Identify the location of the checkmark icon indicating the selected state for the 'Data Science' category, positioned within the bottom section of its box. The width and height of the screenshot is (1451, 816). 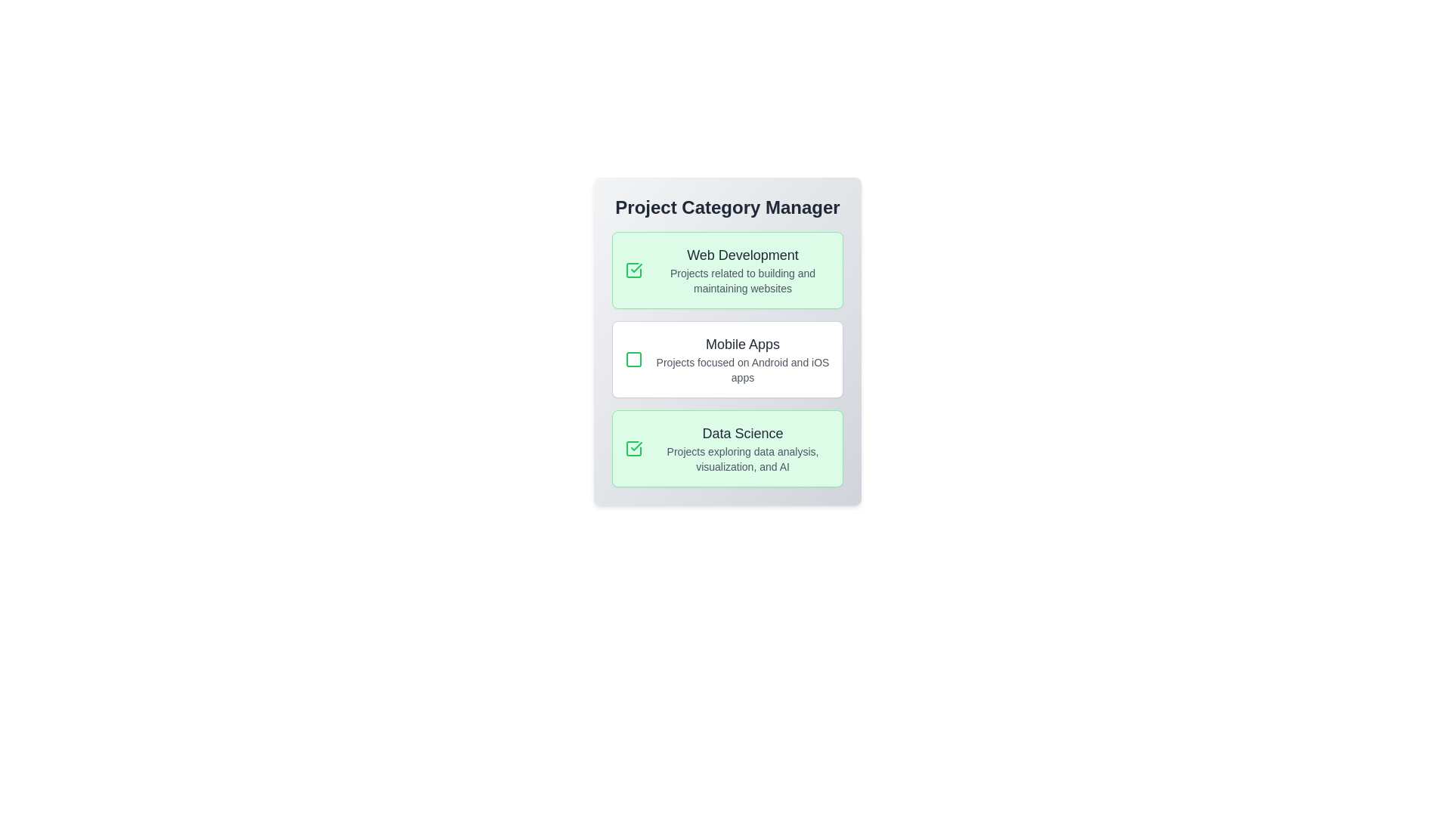
(636, 445).